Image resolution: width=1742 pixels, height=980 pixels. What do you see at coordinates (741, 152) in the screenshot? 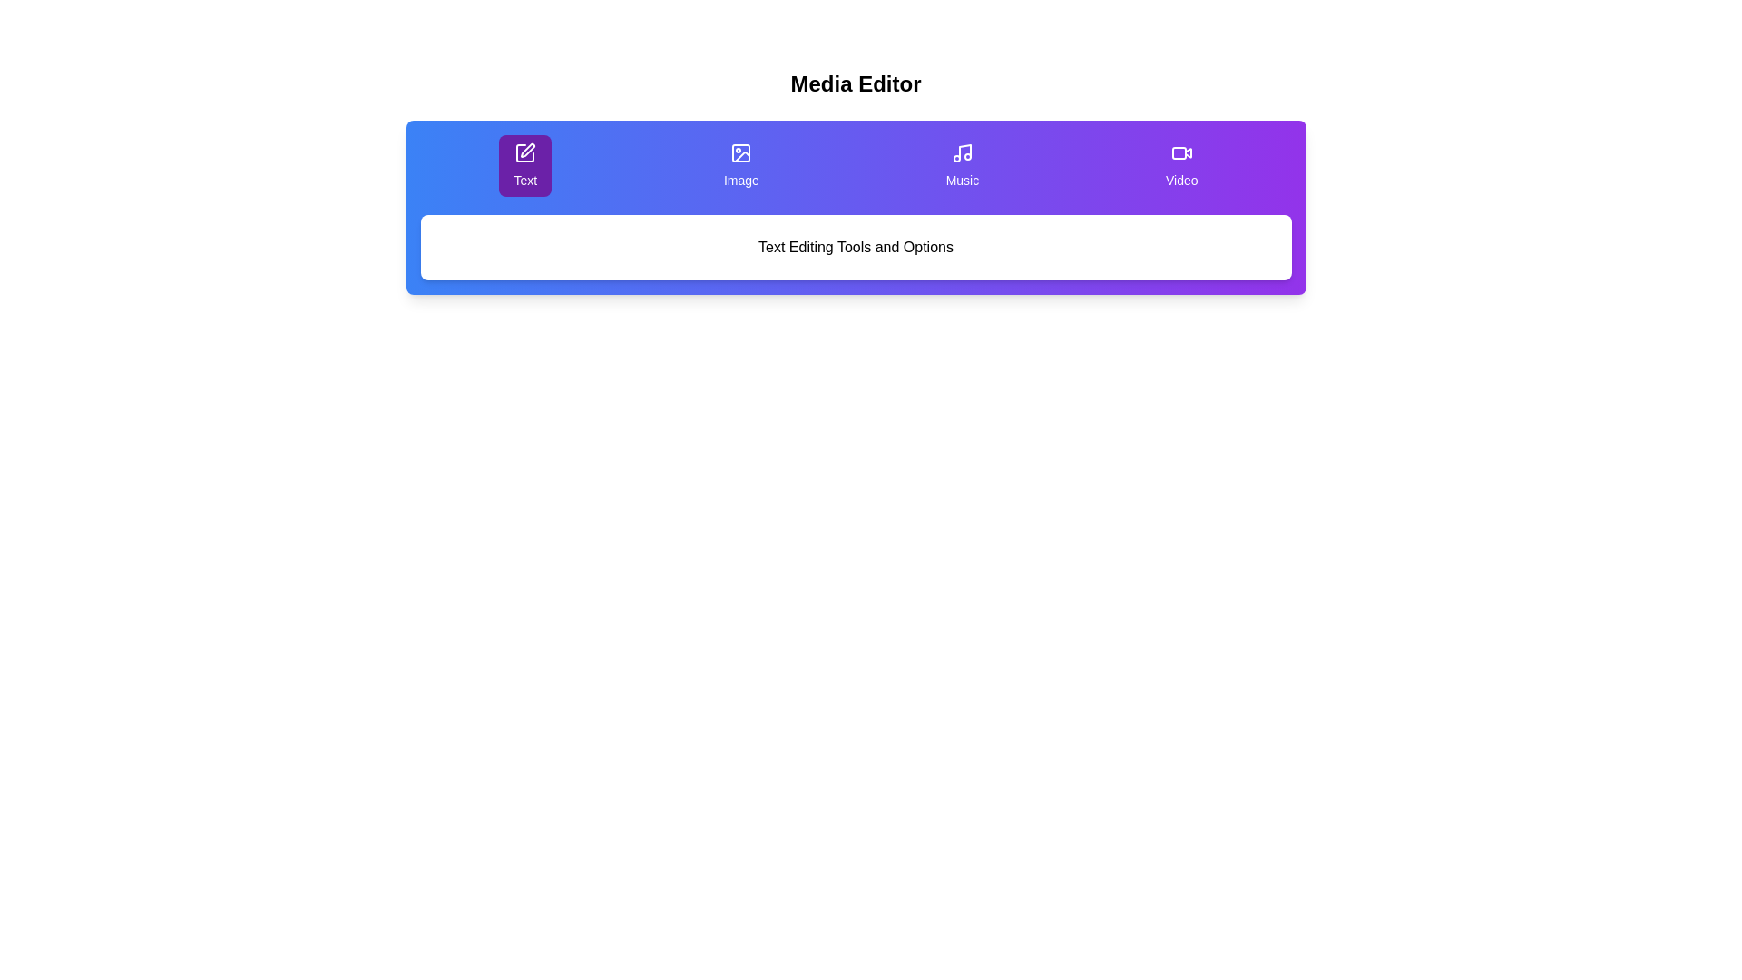
I see `the 'Image' icon located in the second position of the toolbar` at bounding box center [741, 152].